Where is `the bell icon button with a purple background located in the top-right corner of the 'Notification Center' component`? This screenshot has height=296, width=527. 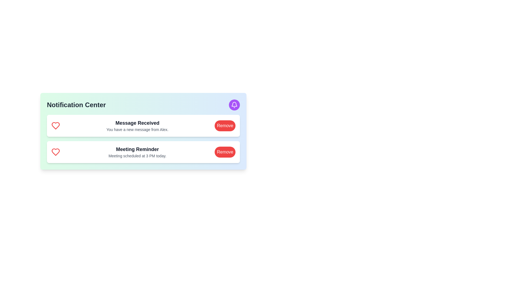
the bell icon button with a purple background located in the top-right corner of the 'Notification Center' component is located at coordinates (234, 105).